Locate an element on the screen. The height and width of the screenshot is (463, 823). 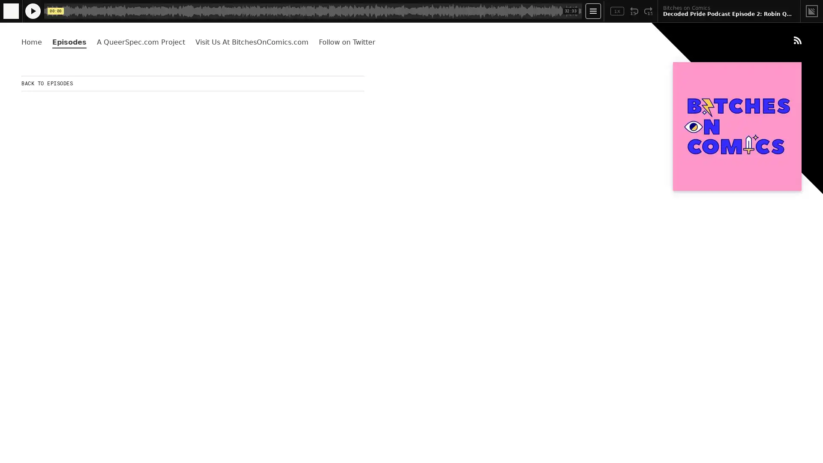
Play is located at coordinates (109, 115).